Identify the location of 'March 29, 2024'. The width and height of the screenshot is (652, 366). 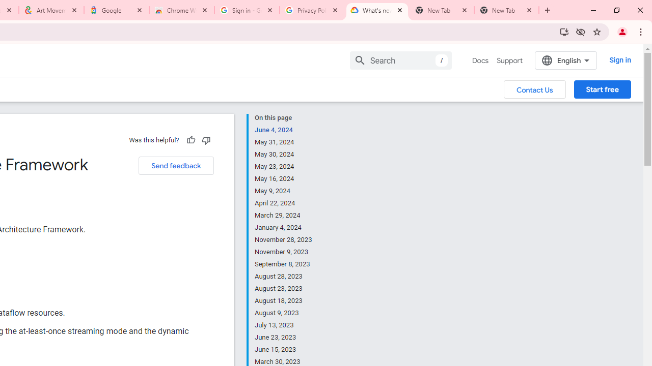
(284, 215).